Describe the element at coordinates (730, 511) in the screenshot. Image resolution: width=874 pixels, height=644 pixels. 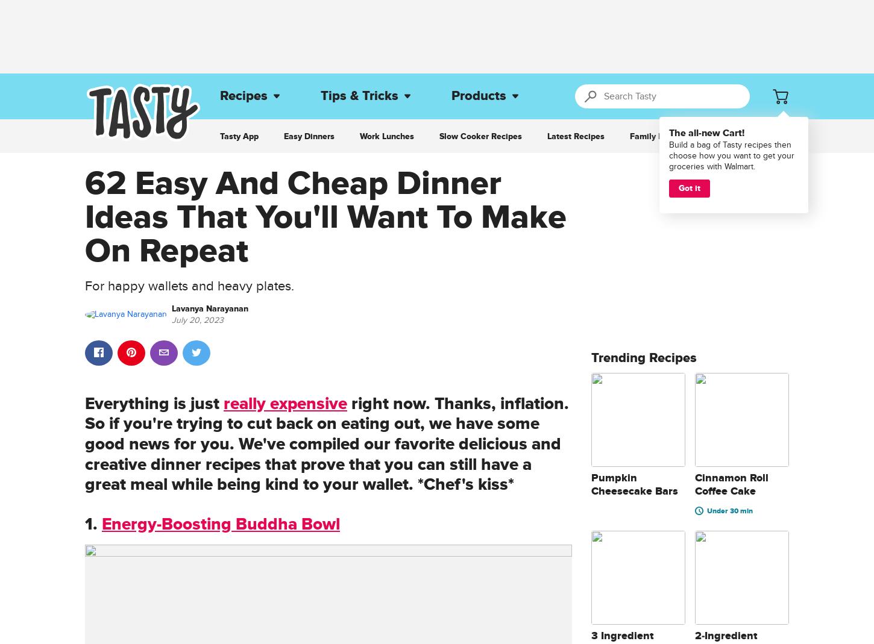
I see `'Under 30 min'` at that location.